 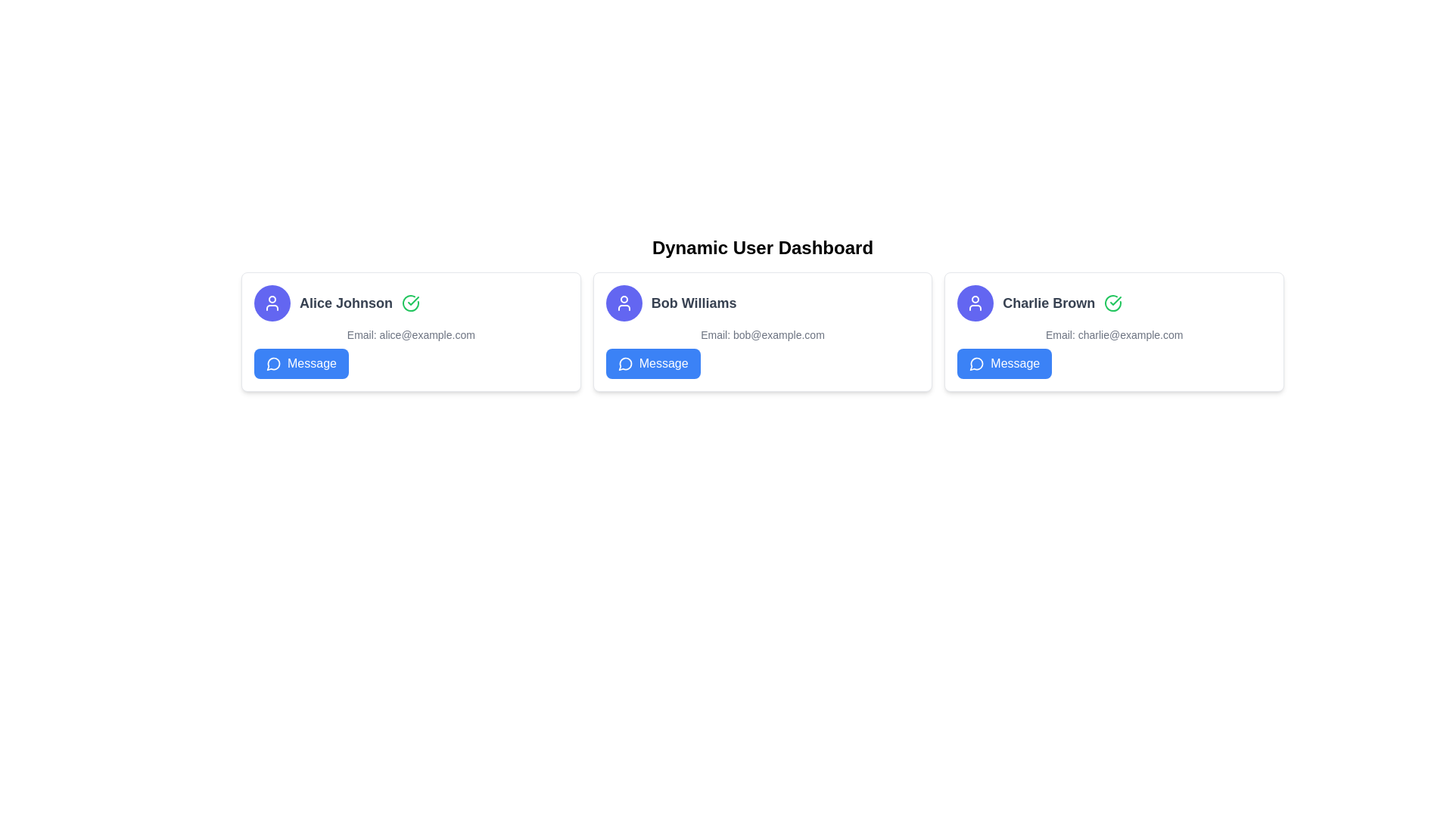 I want to click on the circular green checkmark icon indicating completion, located to the right of 'Alice Johnson', so click(x=410, y=303).